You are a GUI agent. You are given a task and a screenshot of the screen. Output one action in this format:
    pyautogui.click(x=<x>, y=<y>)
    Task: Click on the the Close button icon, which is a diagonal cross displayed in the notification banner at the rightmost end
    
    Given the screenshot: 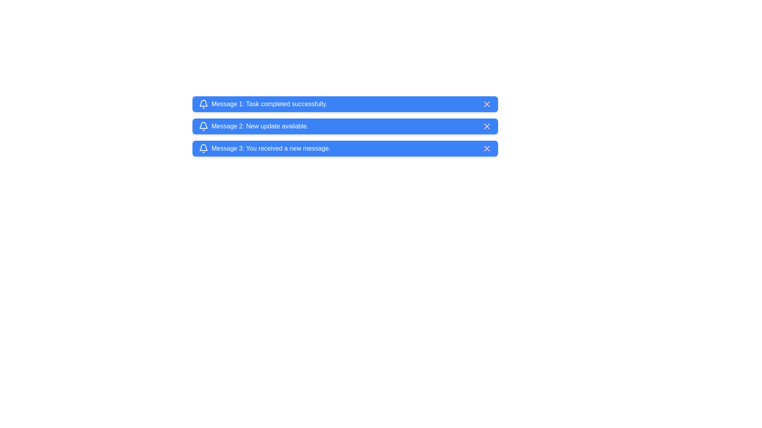 What is the action you would take?
    pyautogui.click(x=487, y=103)
    